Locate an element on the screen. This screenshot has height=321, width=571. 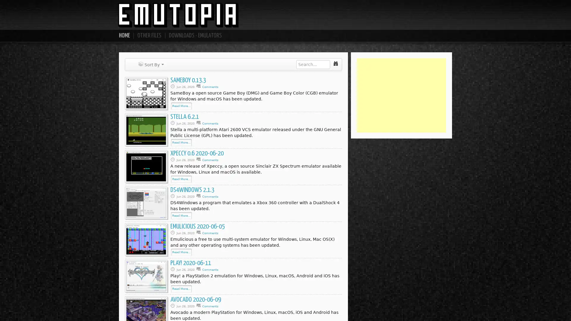
Close Close is located at coordinates (329, 81).